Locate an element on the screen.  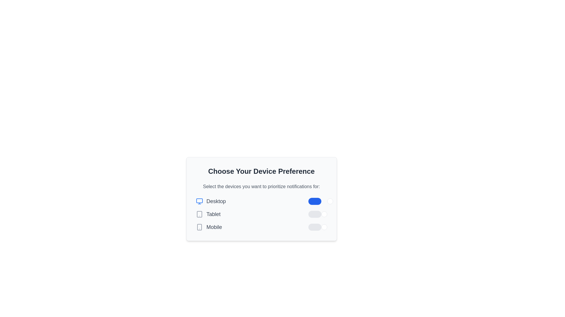
the 'Desktop' device option icon, which is positioned to the left of the text labeled 'Desktop' in the device preference selection layout is located at coordinates (199, 201).